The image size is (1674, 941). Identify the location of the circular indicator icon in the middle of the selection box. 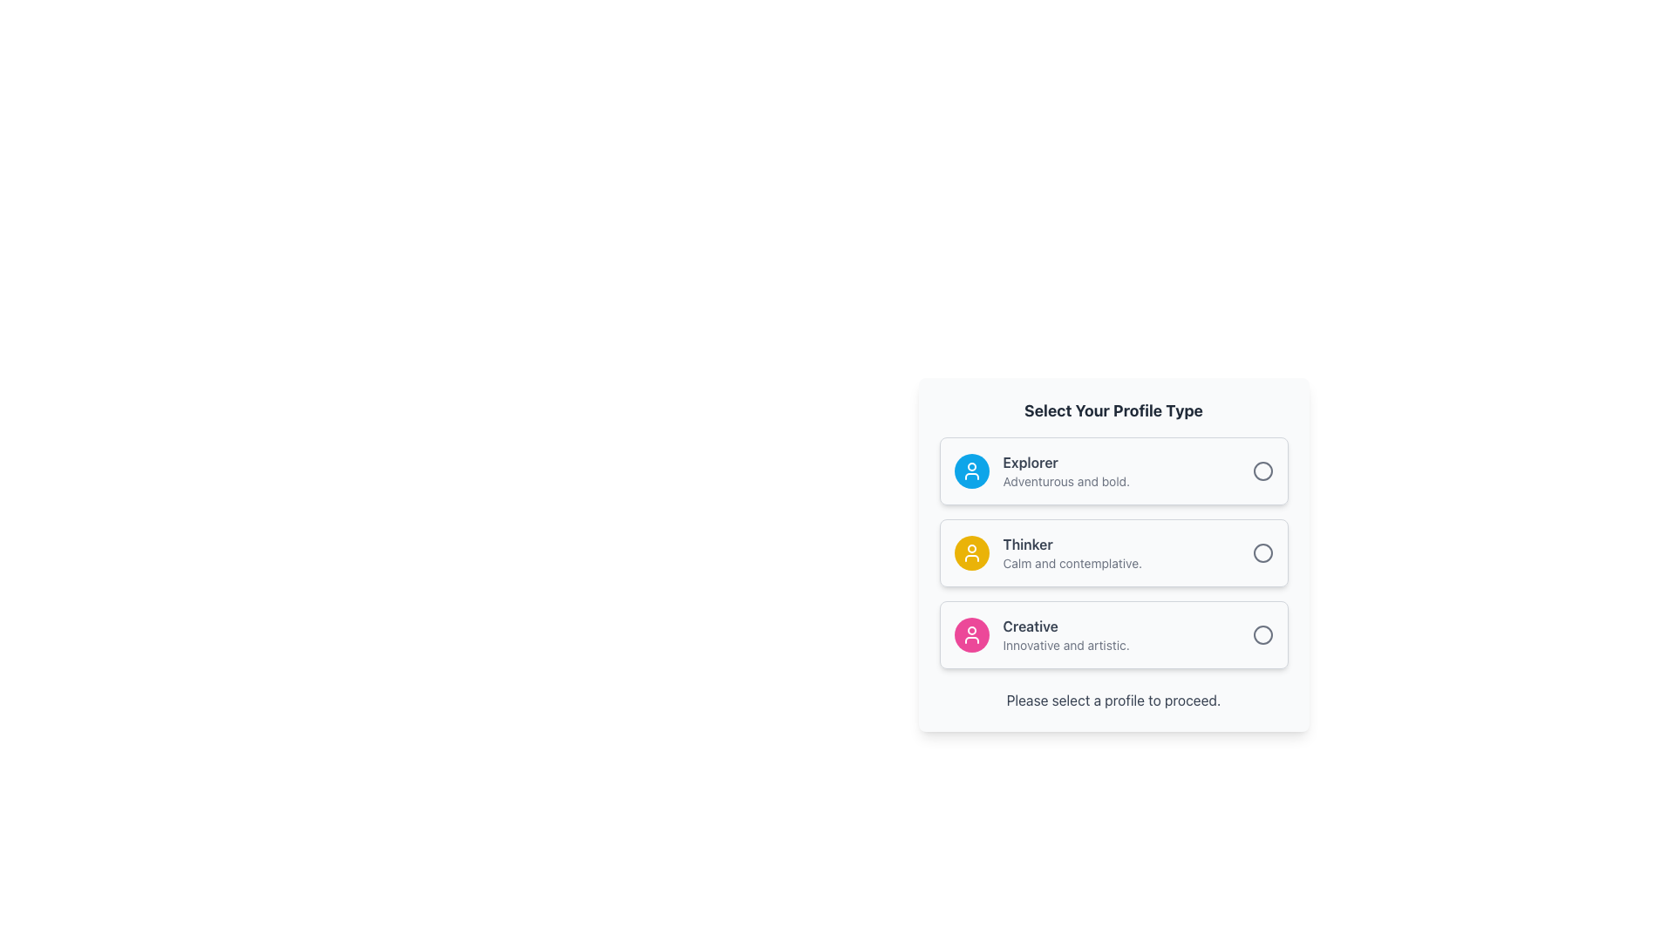
(1262, 553).